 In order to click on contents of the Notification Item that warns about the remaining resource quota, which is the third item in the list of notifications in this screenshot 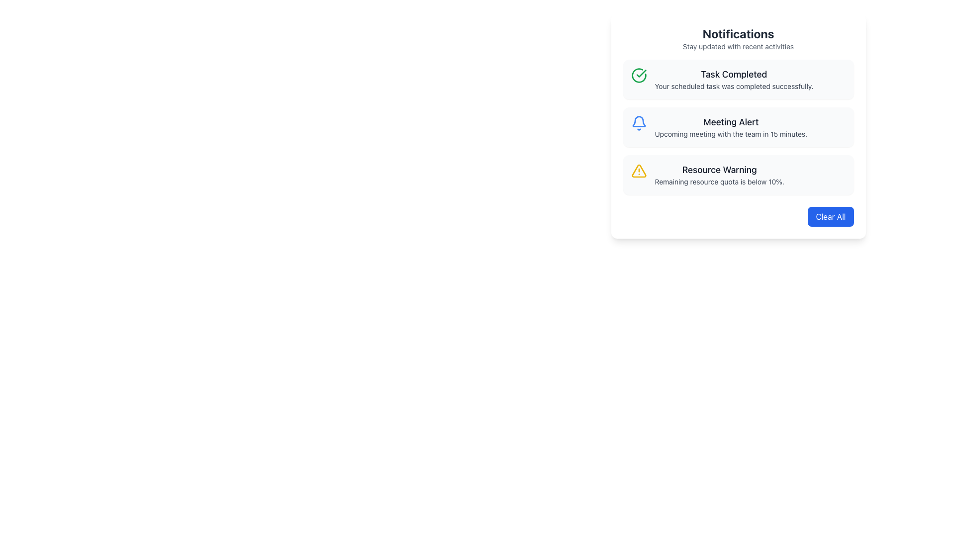, I will do `click(719, 174)`.